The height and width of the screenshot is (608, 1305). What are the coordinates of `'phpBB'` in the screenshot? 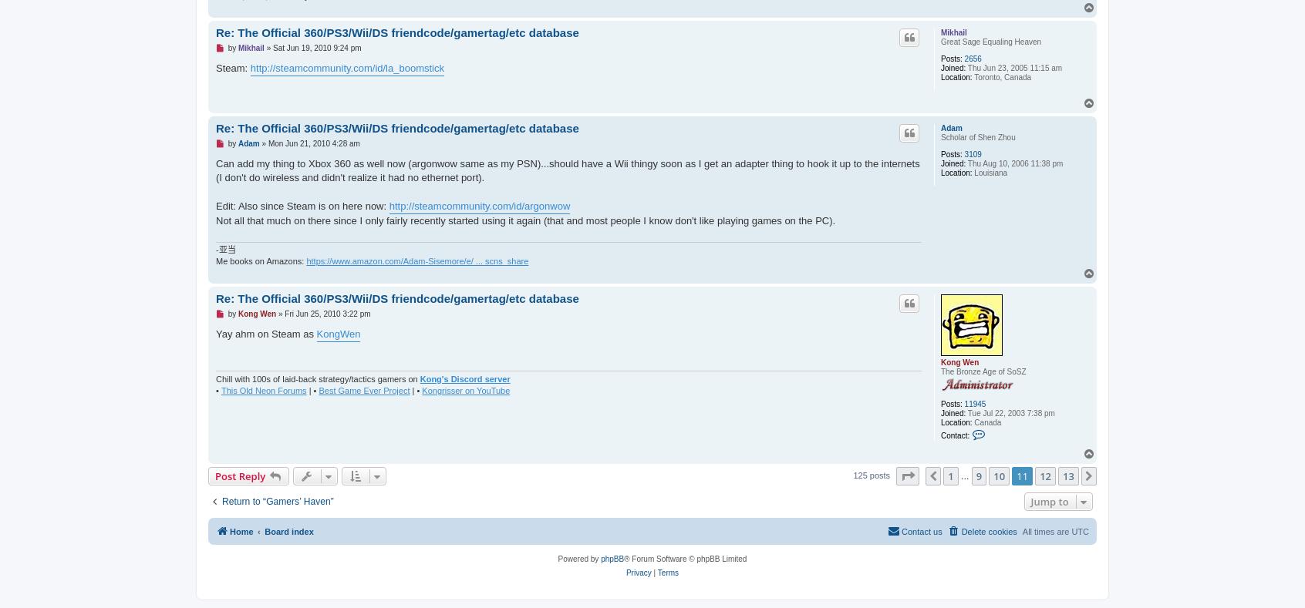 It's located at (612, 559).